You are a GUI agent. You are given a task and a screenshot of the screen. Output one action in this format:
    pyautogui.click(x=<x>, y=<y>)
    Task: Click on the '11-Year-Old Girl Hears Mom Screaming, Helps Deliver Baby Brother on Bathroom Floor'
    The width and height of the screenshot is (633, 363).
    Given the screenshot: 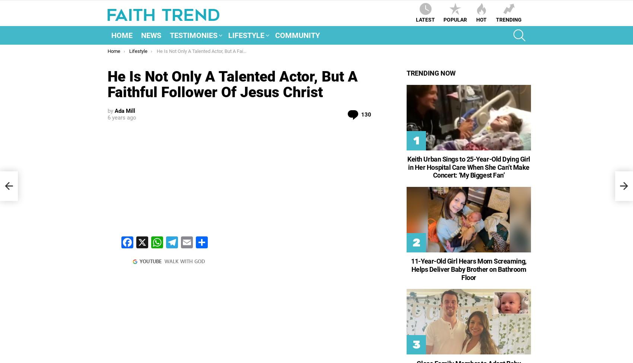 What is the action you would take?
    pyautogui.click(x=468, y=268)
    